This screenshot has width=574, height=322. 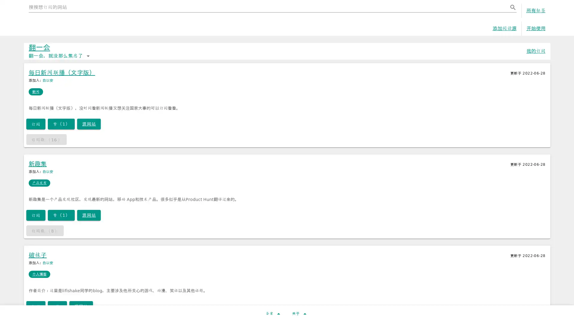 What do you see at coordinates (46, 142) in the screenshot?
I see `(16)` at bounding box center [46, 142].